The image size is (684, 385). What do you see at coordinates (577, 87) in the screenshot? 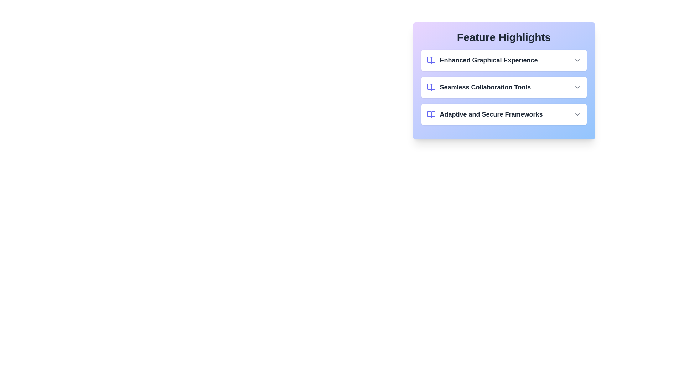
I see `the chevron-down icon located to the far right of the 'Seamless Collaboration Tools' list item, which is designed to indicate expandable content` at bounding box center [577, 87].